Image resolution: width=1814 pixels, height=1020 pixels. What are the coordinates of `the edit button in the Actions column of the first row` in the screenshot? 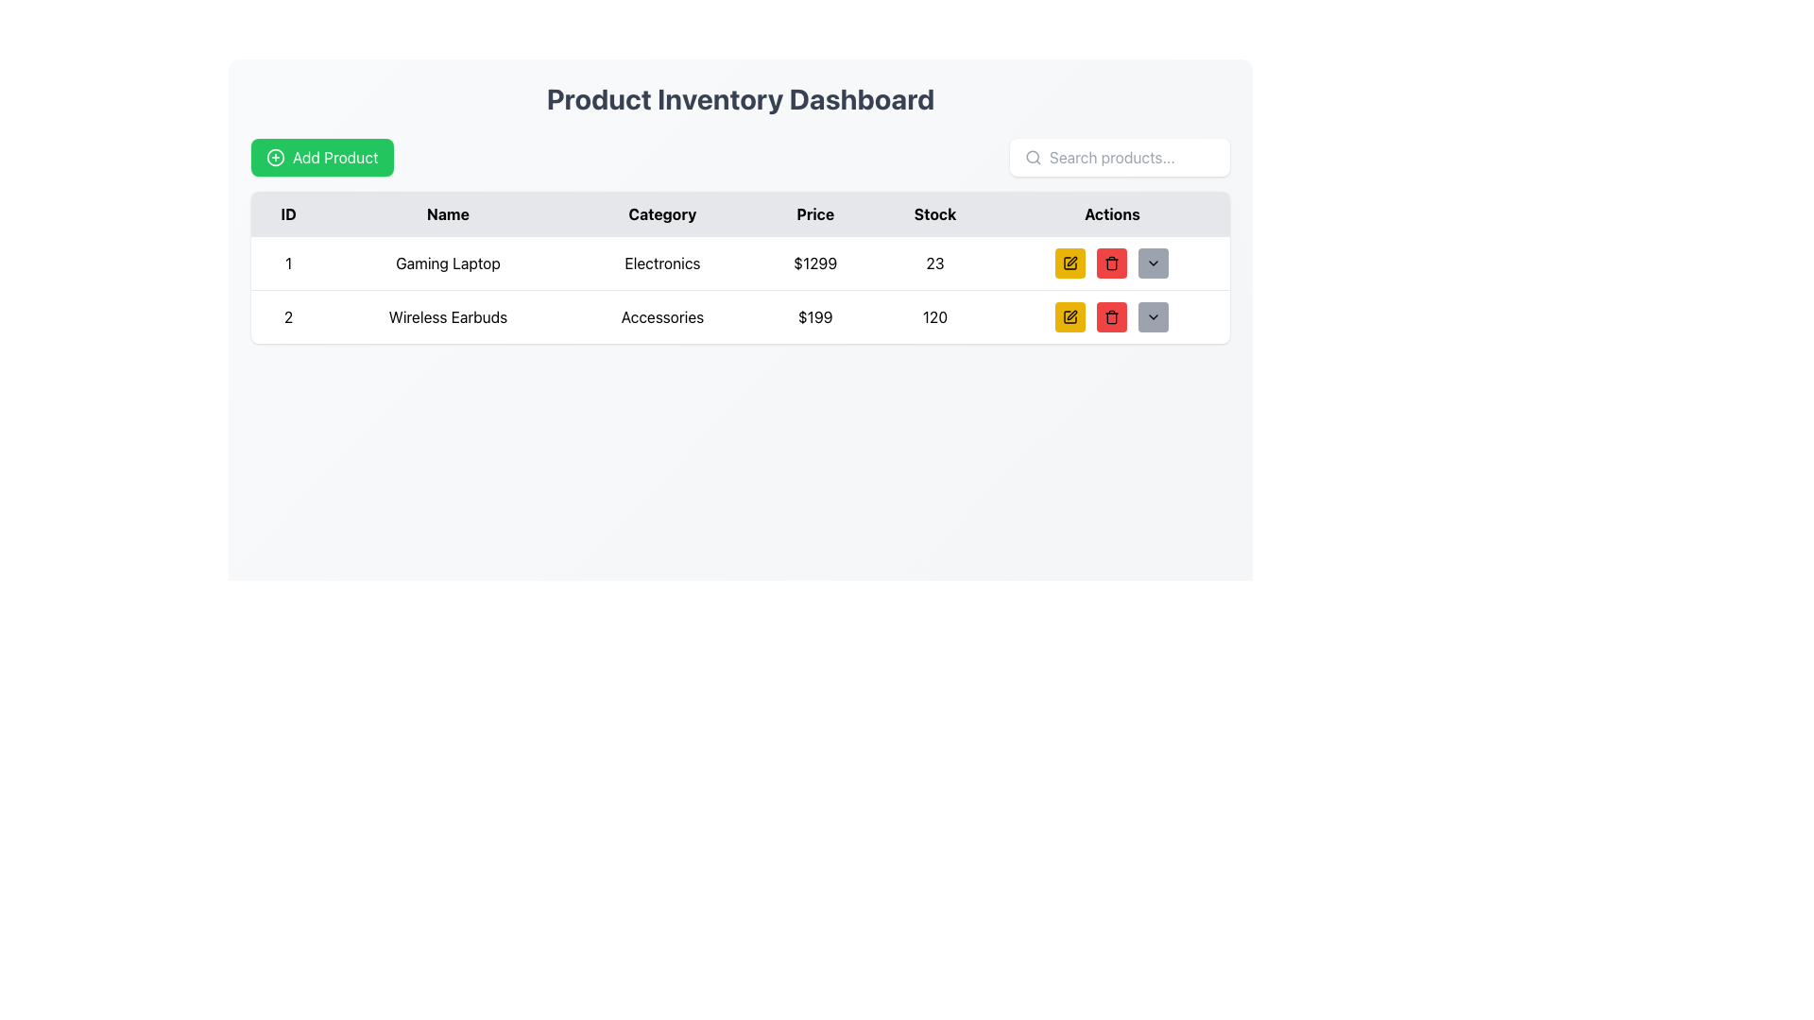 It's located at (1070, 263).